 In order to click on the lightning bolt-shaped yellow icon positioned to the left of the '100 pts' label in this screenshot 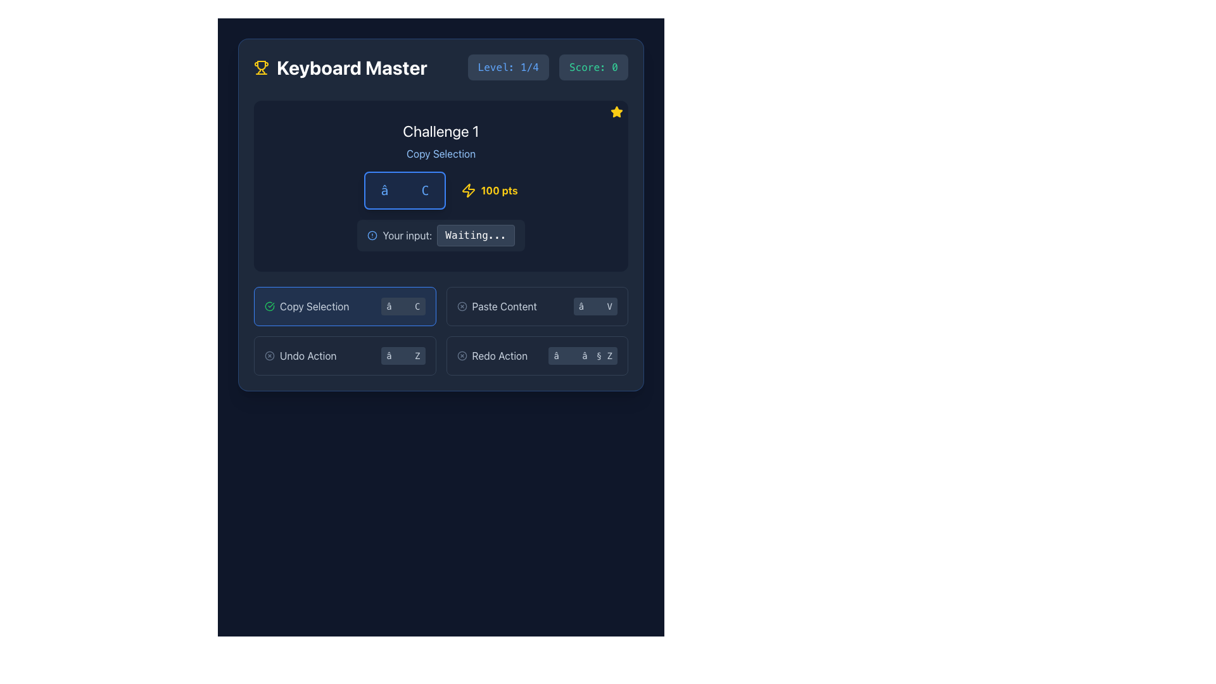, I will do `click(467, 190)`.